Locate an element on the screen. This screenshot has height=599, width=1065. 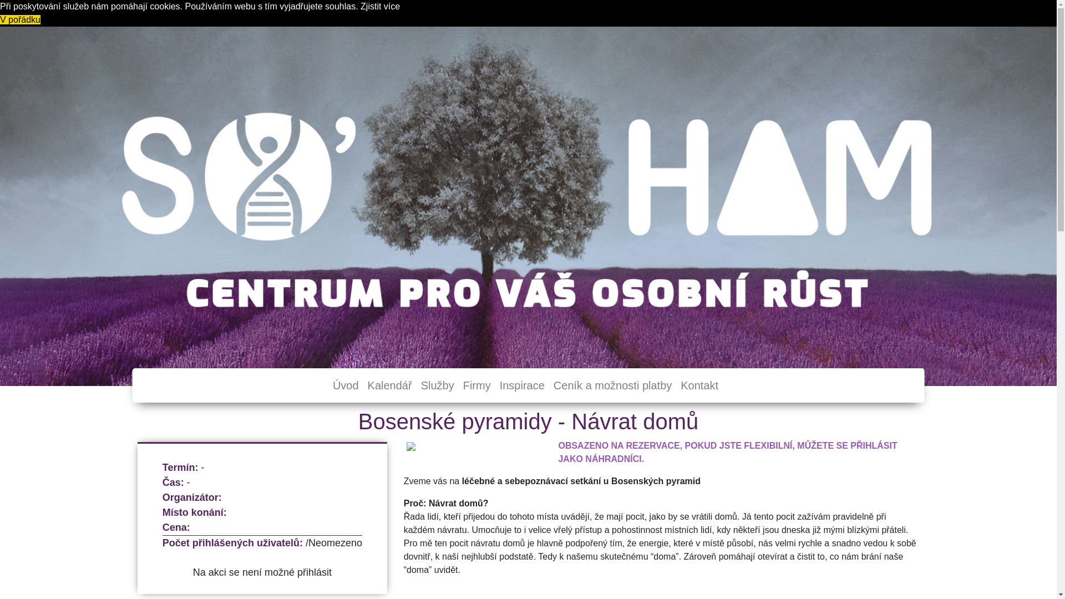
'Firmy' is located at coordinates (476, 384).